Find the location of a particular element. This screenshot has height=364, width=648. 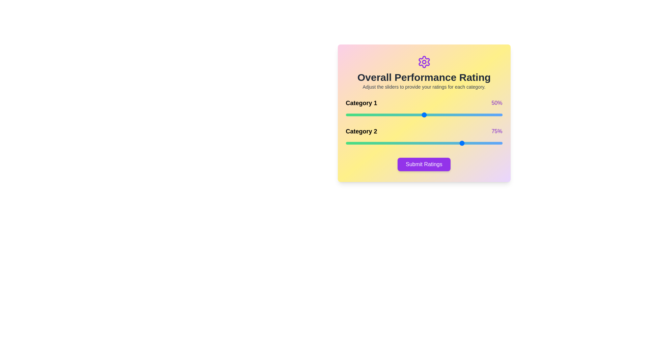

the slider for Category 2 to set its rating to 33% is located at coordinates (397, 143).